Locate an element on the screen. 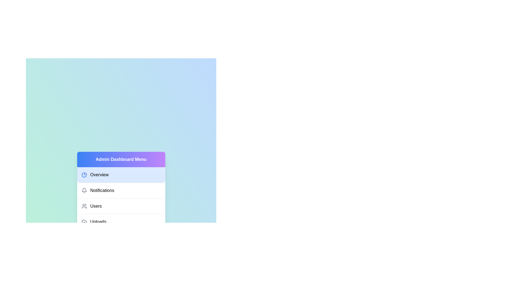 The width and height of the screenshot is (529, 297). the menu item Uploads by clicking on it is located at coordinates (121, 221).